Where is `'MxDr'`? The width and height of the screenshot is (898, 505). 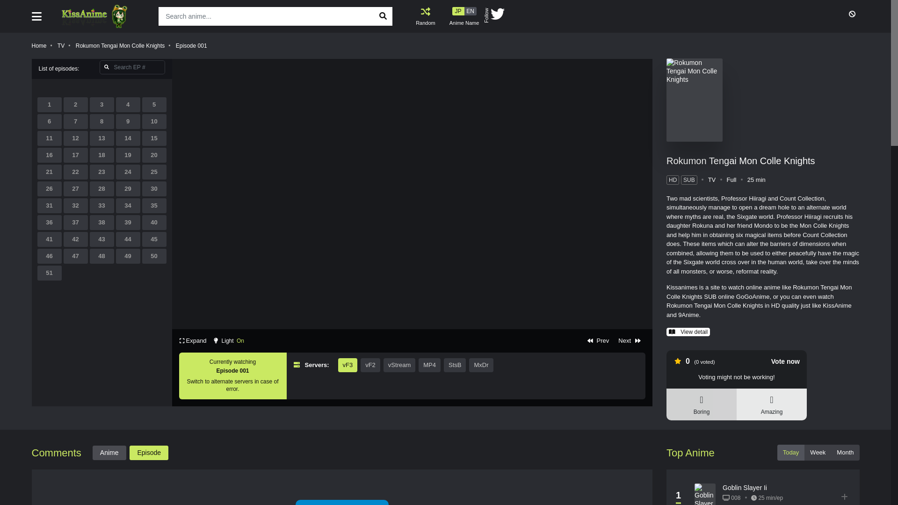
'MxDr' is located at coordinates (469, 364).